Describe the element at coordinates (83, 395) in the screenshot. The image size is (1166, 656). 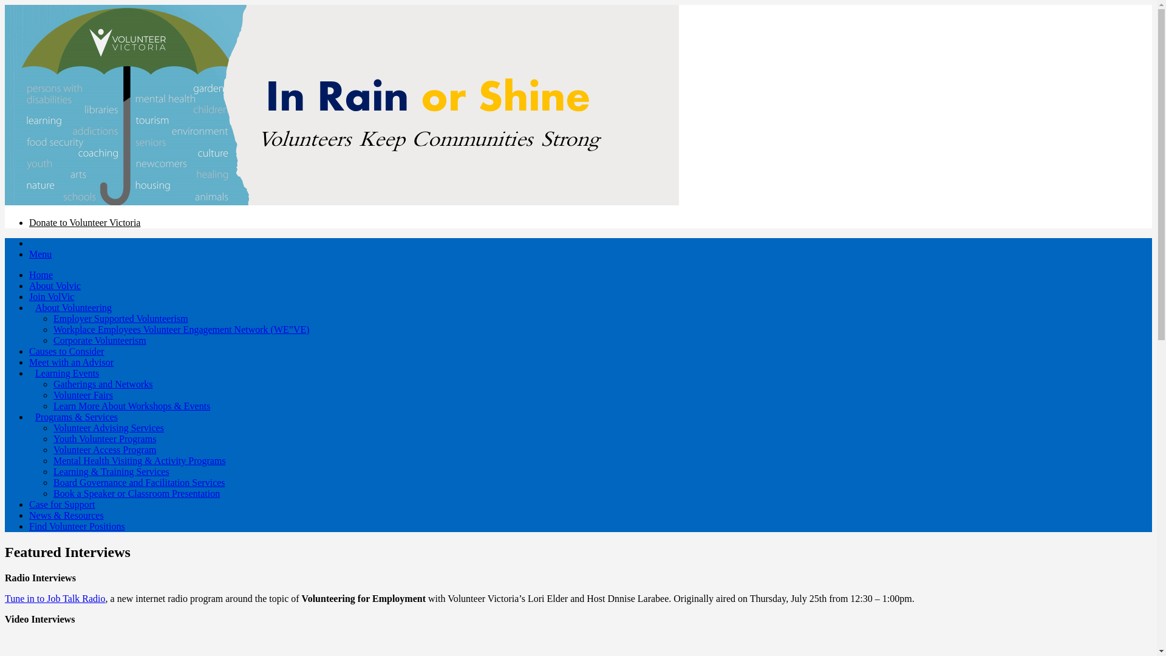
I see `'Volunteer Fairs'` at that location.